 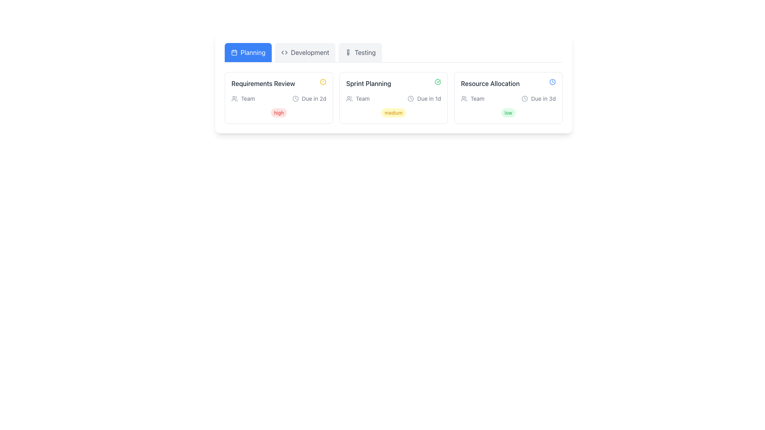 What do you see at coordinates (508, 112) in the screenshot?
I see `text on the 'low' status label located at the bottom of the 'Resource Allocation' card, centered horizontally beneath the team and due date indicators` at bounding box center [508, 112].